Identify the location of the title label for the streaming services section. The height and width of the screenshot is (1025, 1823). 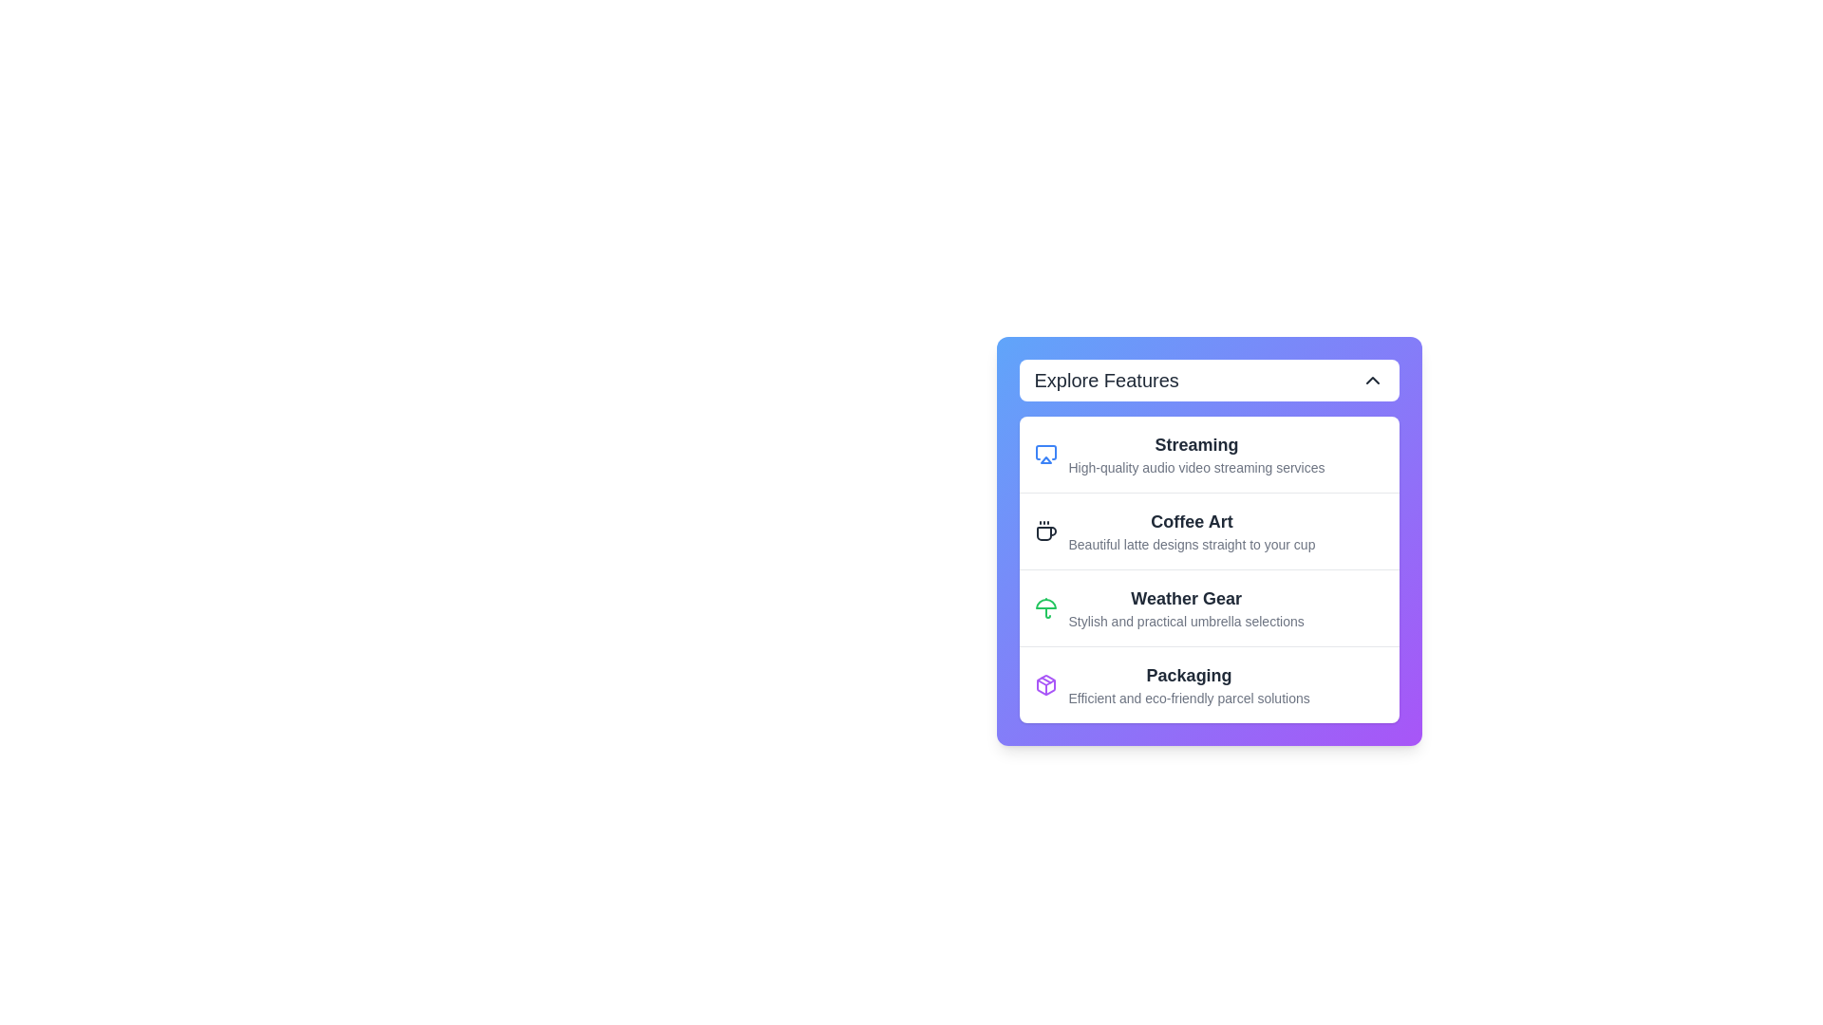
(1195, 445).